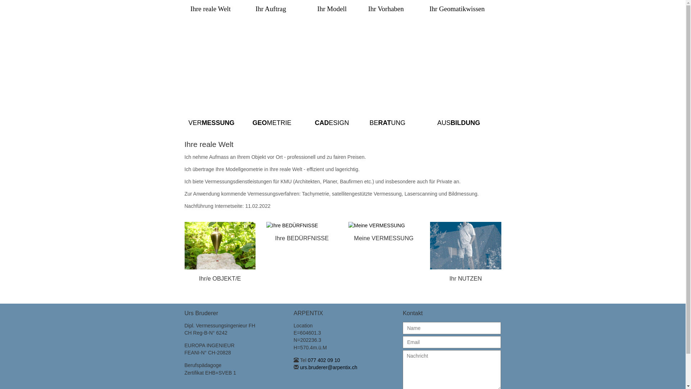 This screenshot has width=691, height=389. I want to click on 'AUSBILDUNG', so click(458, 122).